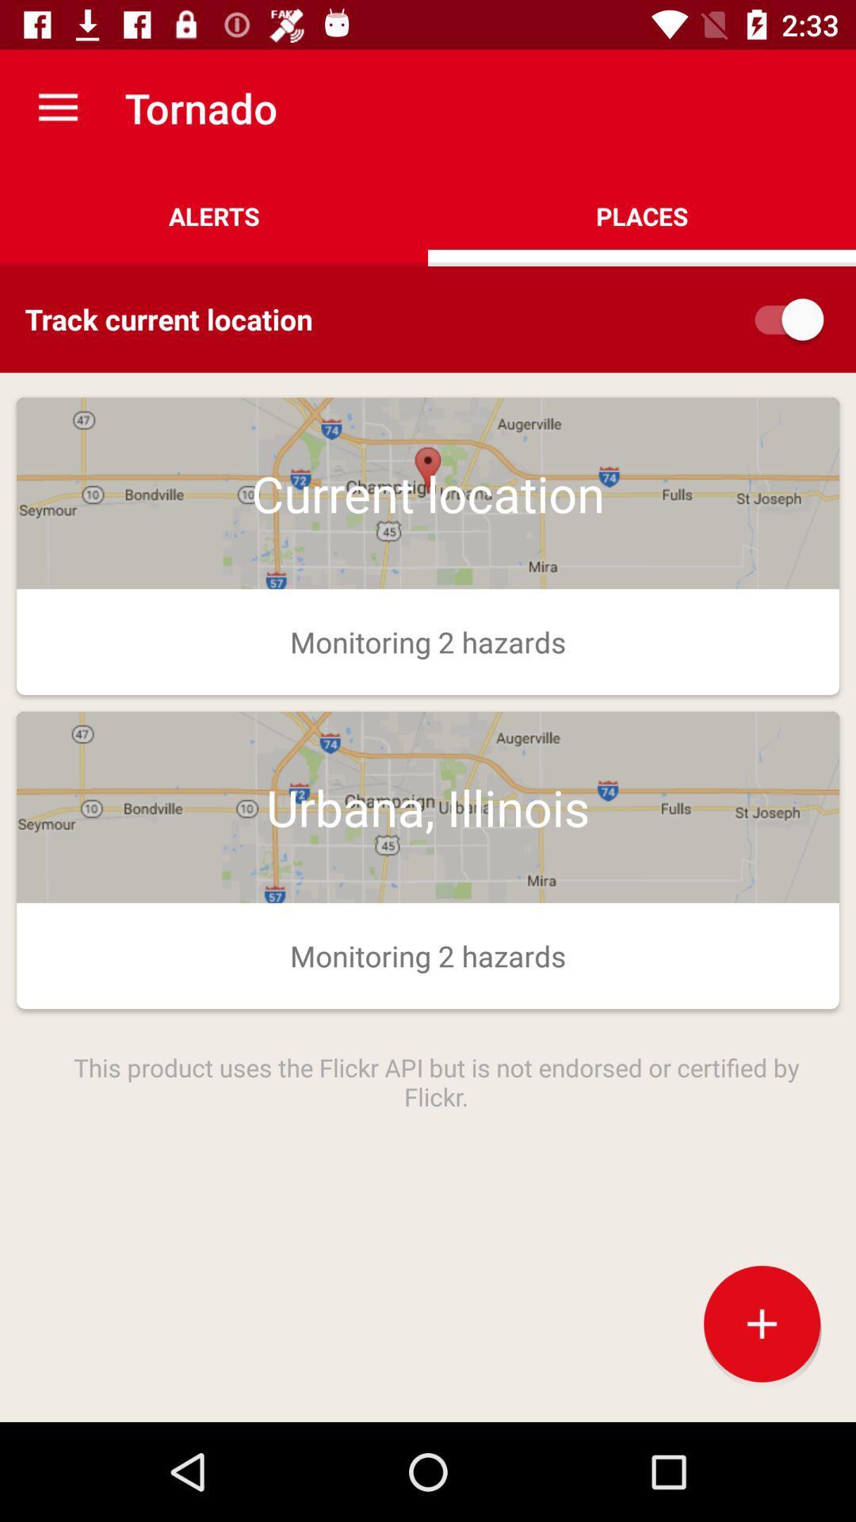  I want to click on the icon next to the places, so click(214, 216).